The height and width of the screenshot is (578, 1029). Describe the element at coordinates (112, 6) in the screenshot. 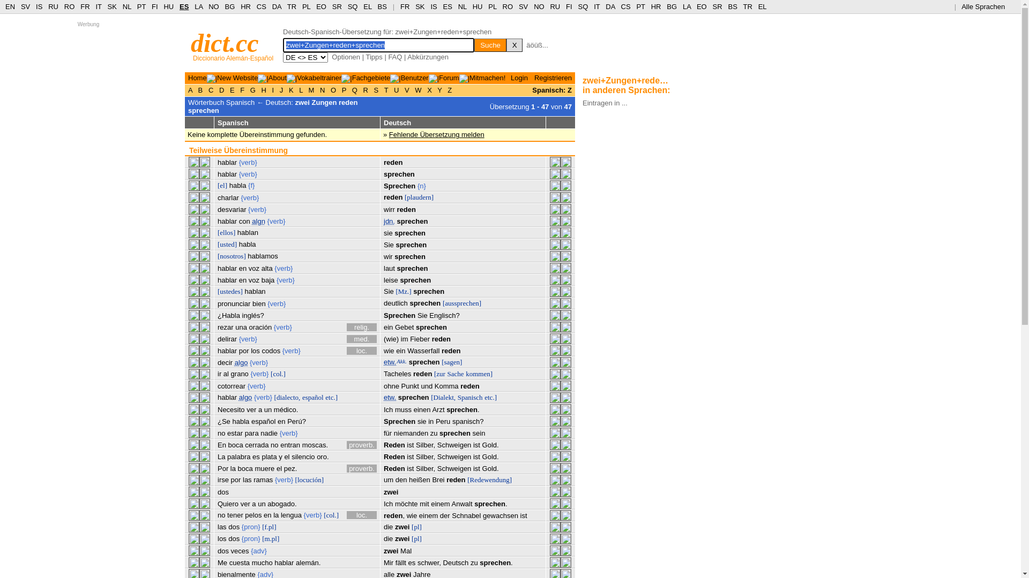

I see `'SK'` at that location.